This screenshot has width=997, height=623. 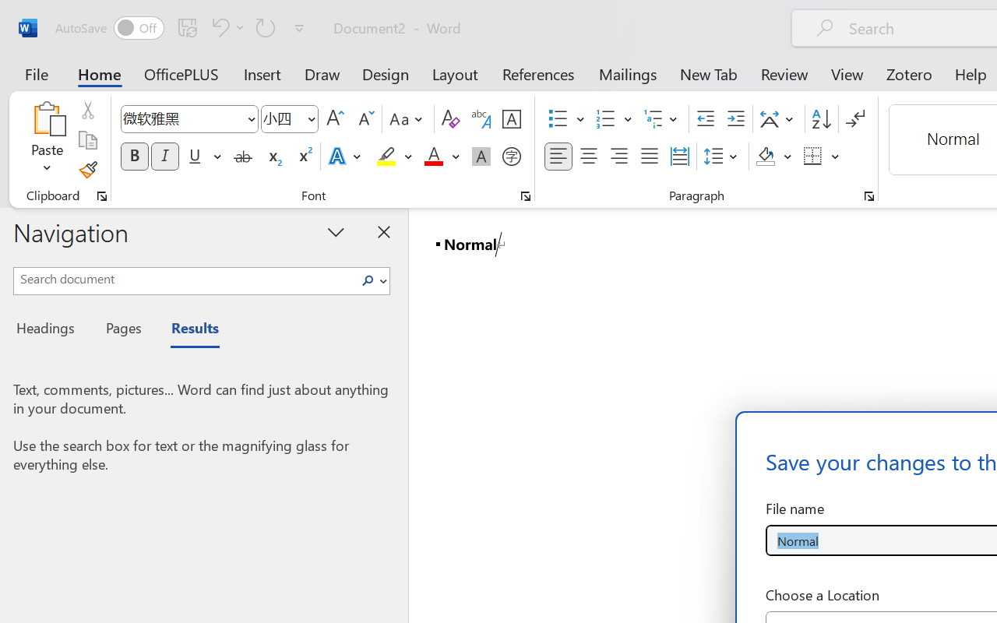 What do you see at coordinates (242, 157) in the screenshot?
I see `'Strikethrough'` at bounding box center [242, 157].